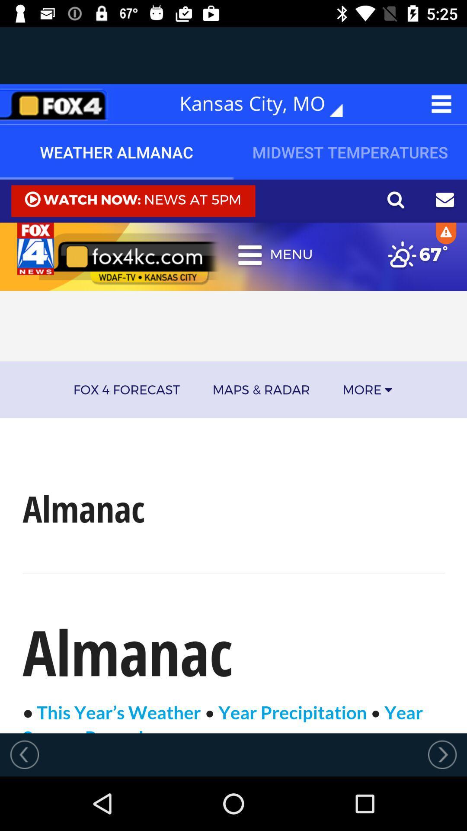  I want to click on go back, so click(24, 754).